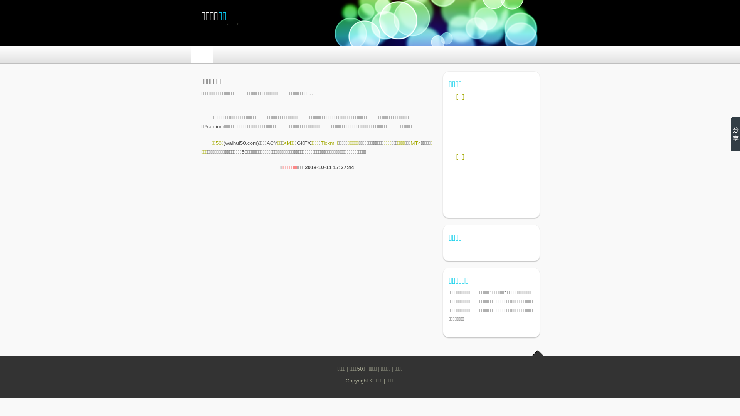 The image size is (740, 416). I want to click on 'MT4', so click(415, 143).